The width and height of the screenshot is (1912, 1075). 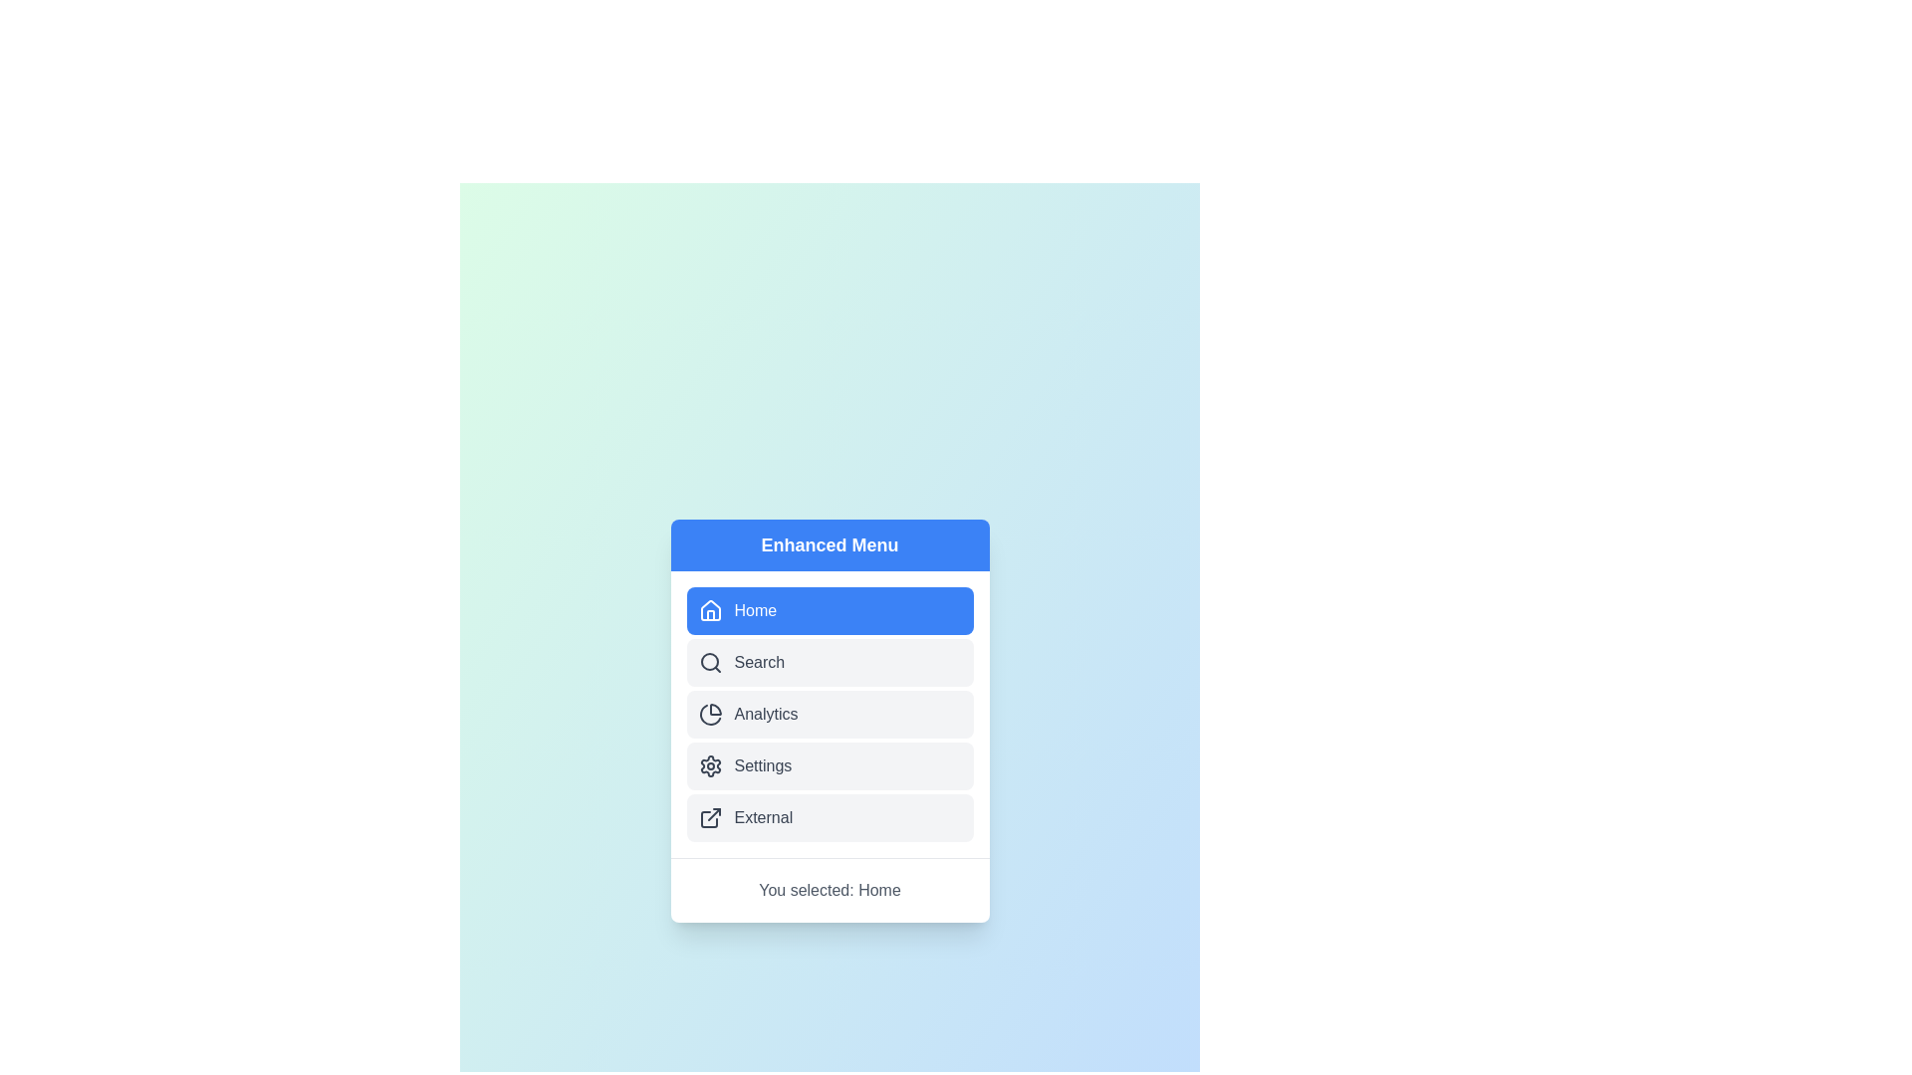 What do you see at coordinates (830, 817) in the screenshot?
I see `the menu item labeled External to view its hover effect` at bounding box center [830, 817].